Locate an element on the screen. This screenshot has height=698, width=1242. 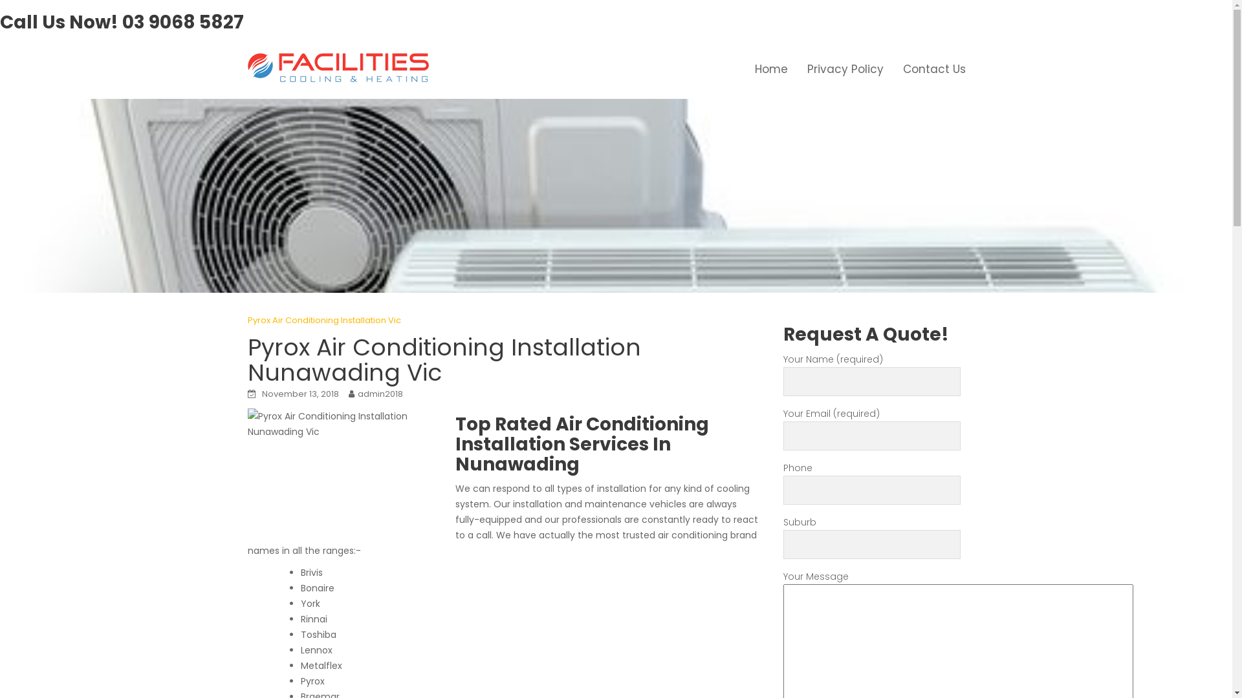
'Contact Us' is located at coordinates (933, 69).